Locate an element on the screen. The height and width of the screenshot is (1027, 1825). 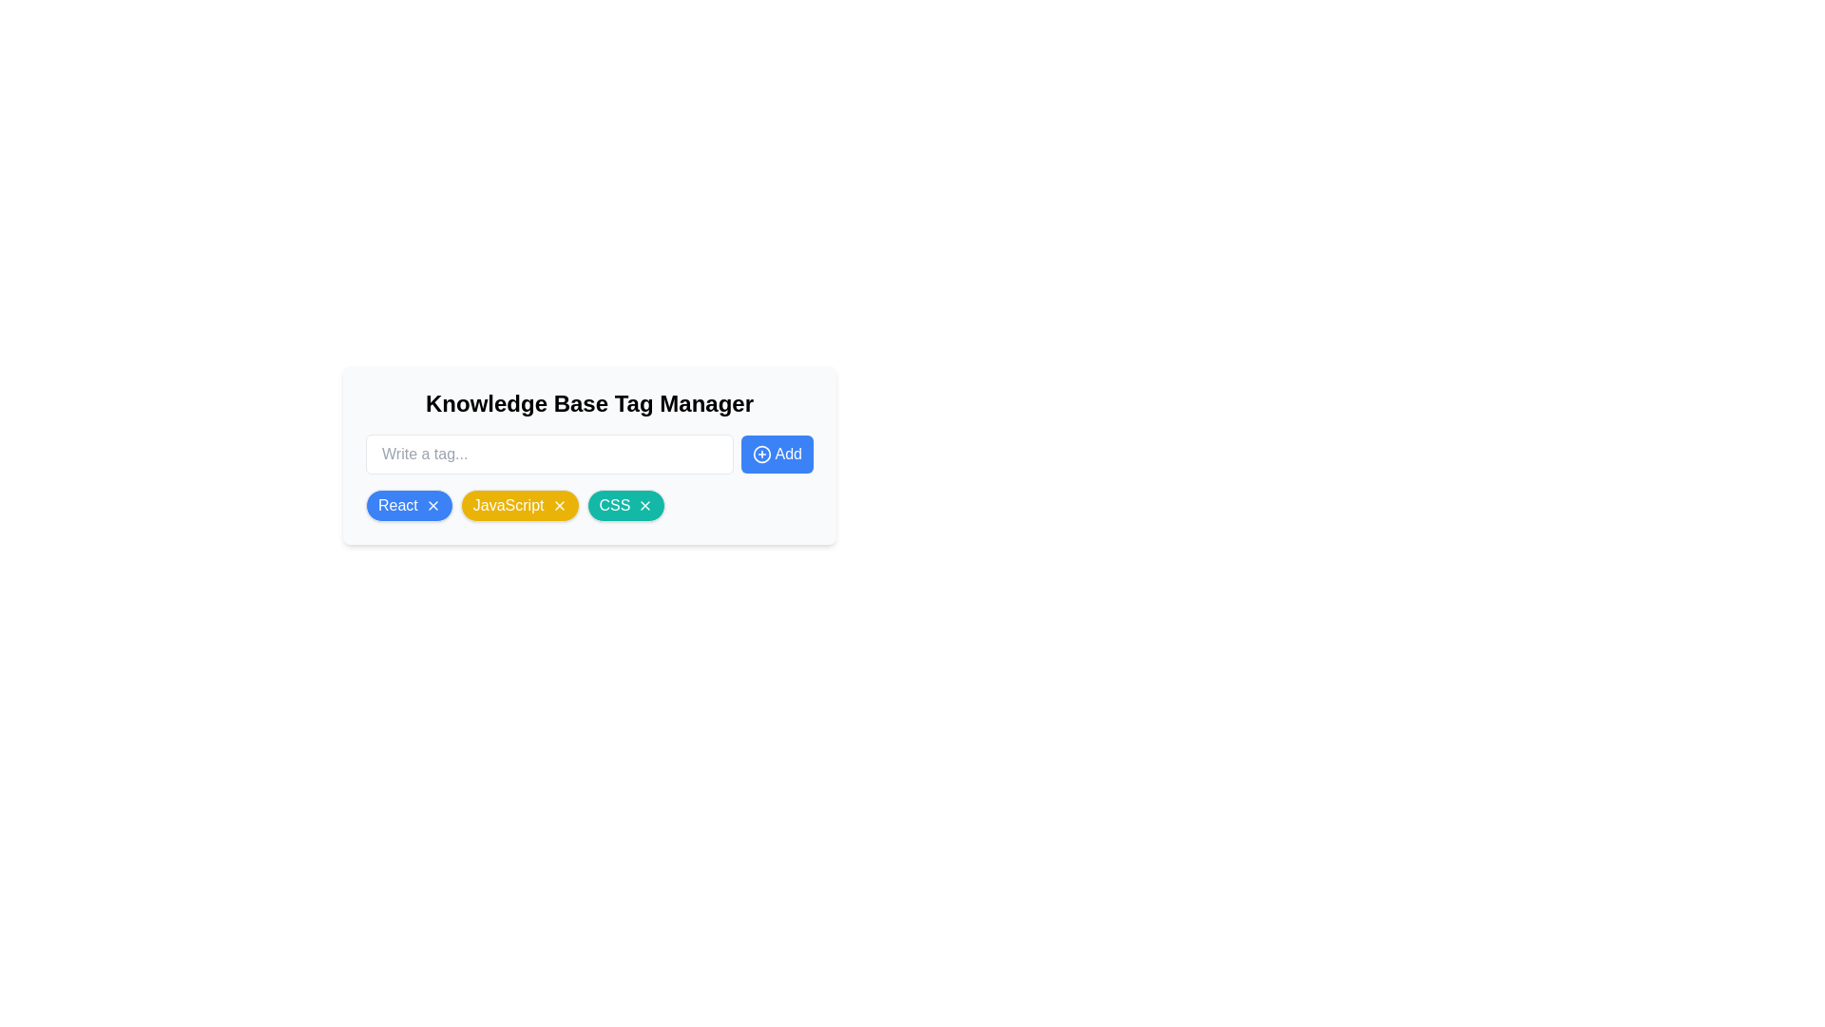
the Close Icon Button, which is an 'X' icon with a yellow background located at the right-most end of the JavaScript tag is located at coordinates (558, 505).